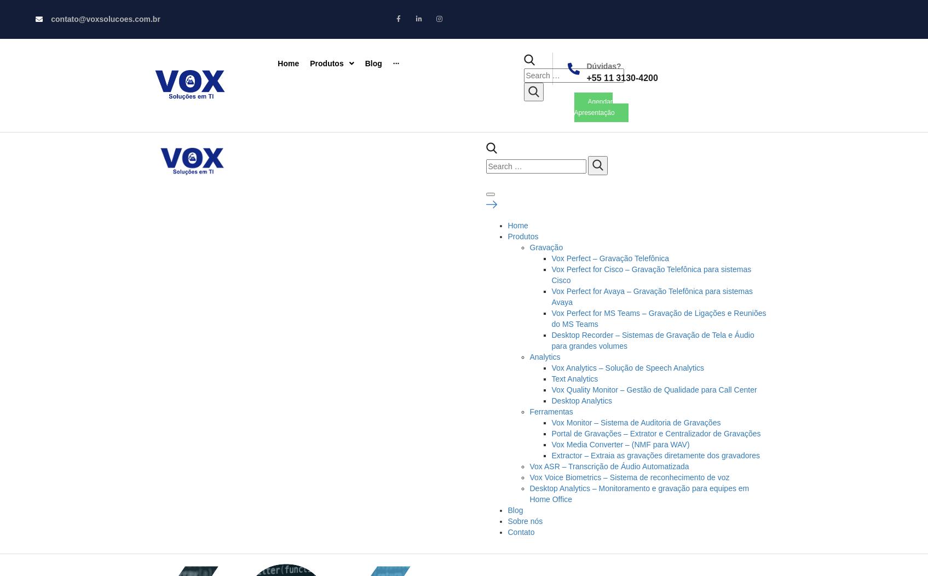  I want to click on 'contato@voxsolucoes.com.br', so click(105, 19).